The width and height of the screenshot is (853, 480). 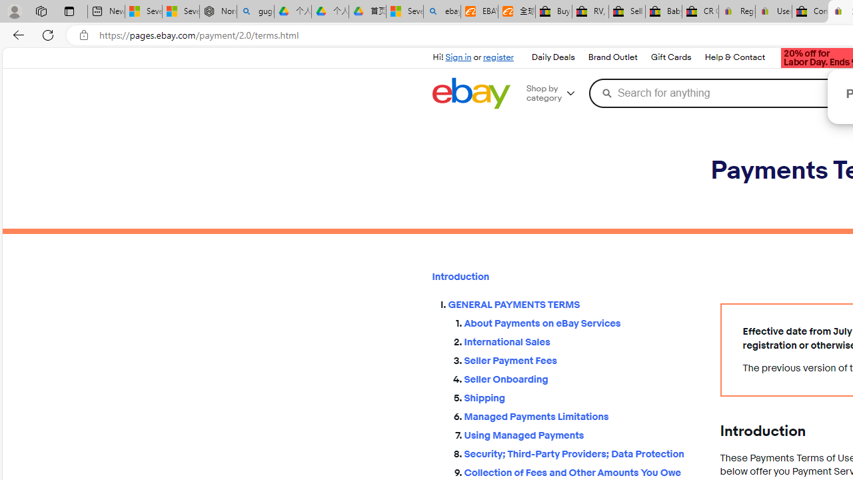 What do you see at coordinates (670, 57) in the screenshot?
I see `'Gift Cards'` at bounding box center [670, 57].